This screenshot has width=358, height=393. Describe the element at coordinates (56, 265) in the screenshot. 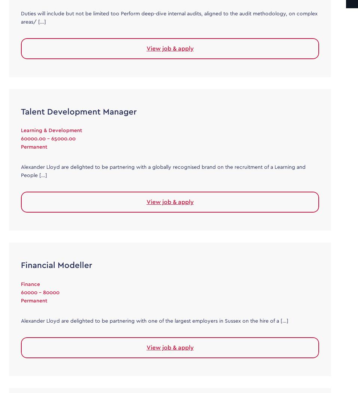

I see `'Financial Modeller'` at that location.